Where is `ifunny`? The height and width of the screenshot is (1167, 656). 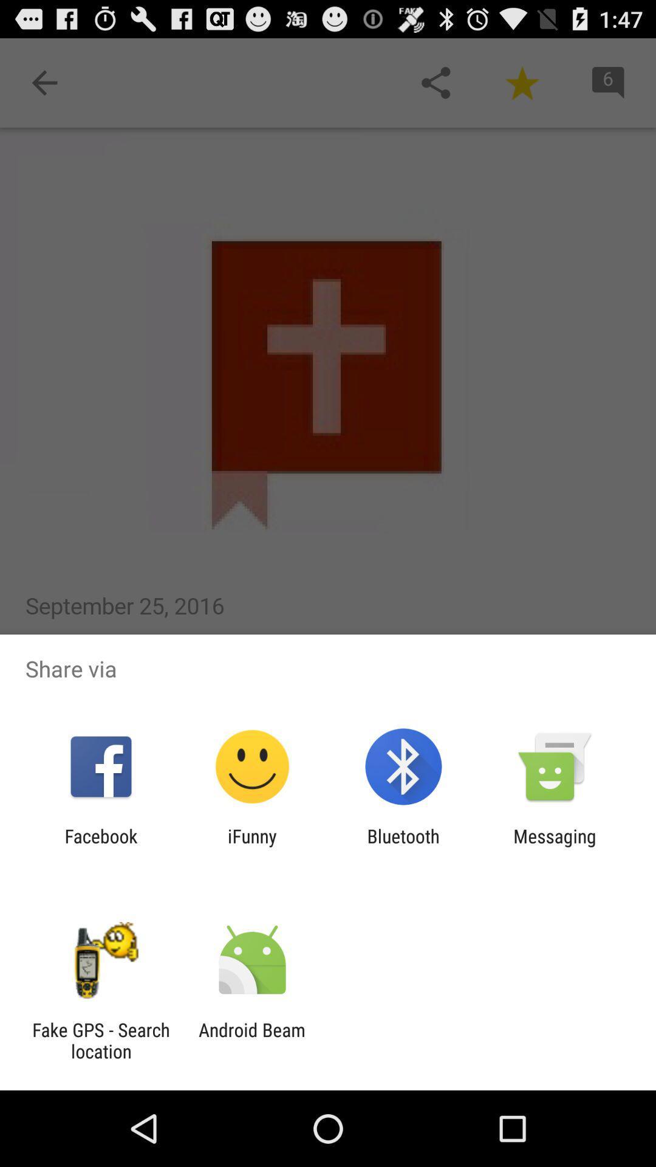
ifunny is located at coordinates (251, 846).